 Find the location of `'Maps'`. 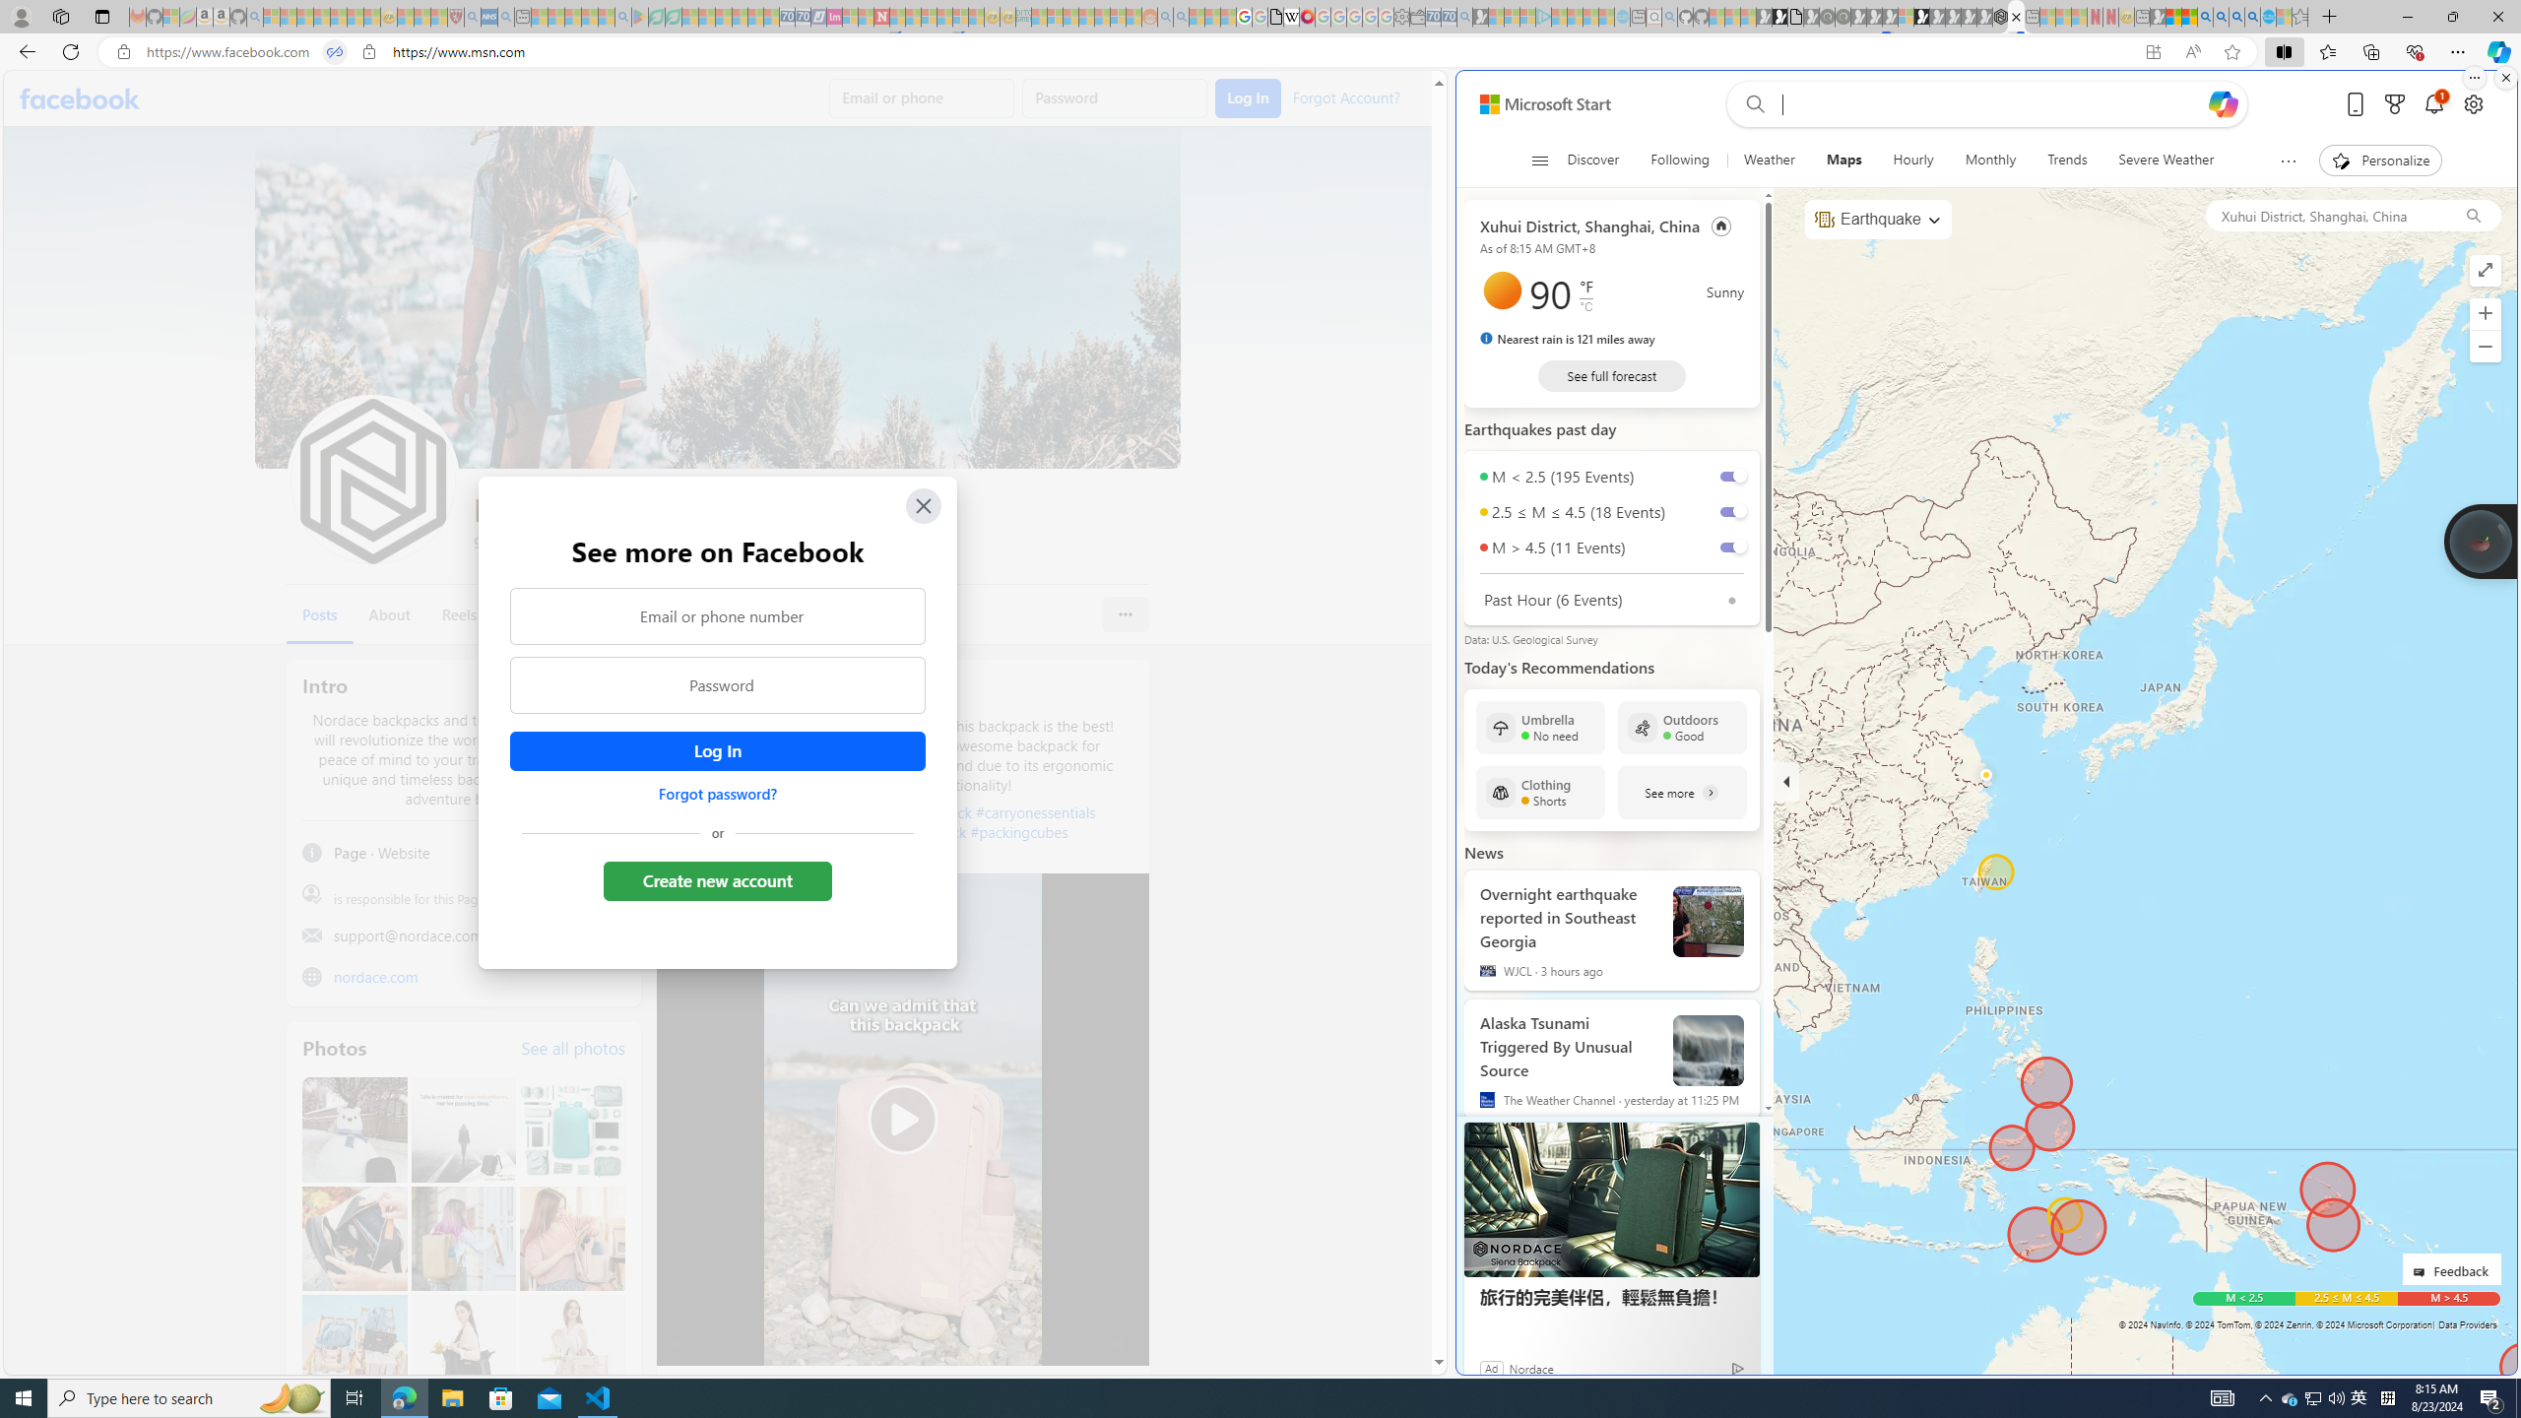

'Maps' is located at coordinates (1842, 160).